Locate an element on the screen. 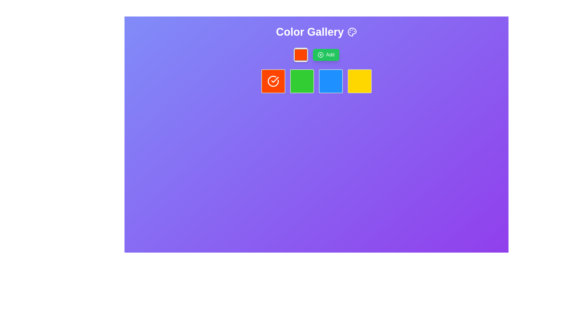 The height and width of the screenshot is (324, 576). the green rectangular button labeled 'Add' with a white plus icon, located below the 'Color Gallery' heading is located at coordinates (316, 55).